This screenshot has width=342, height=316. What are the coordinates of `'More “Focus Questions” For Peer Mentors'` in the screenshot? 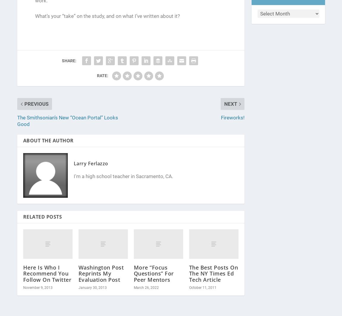 It's located at (153, 273).